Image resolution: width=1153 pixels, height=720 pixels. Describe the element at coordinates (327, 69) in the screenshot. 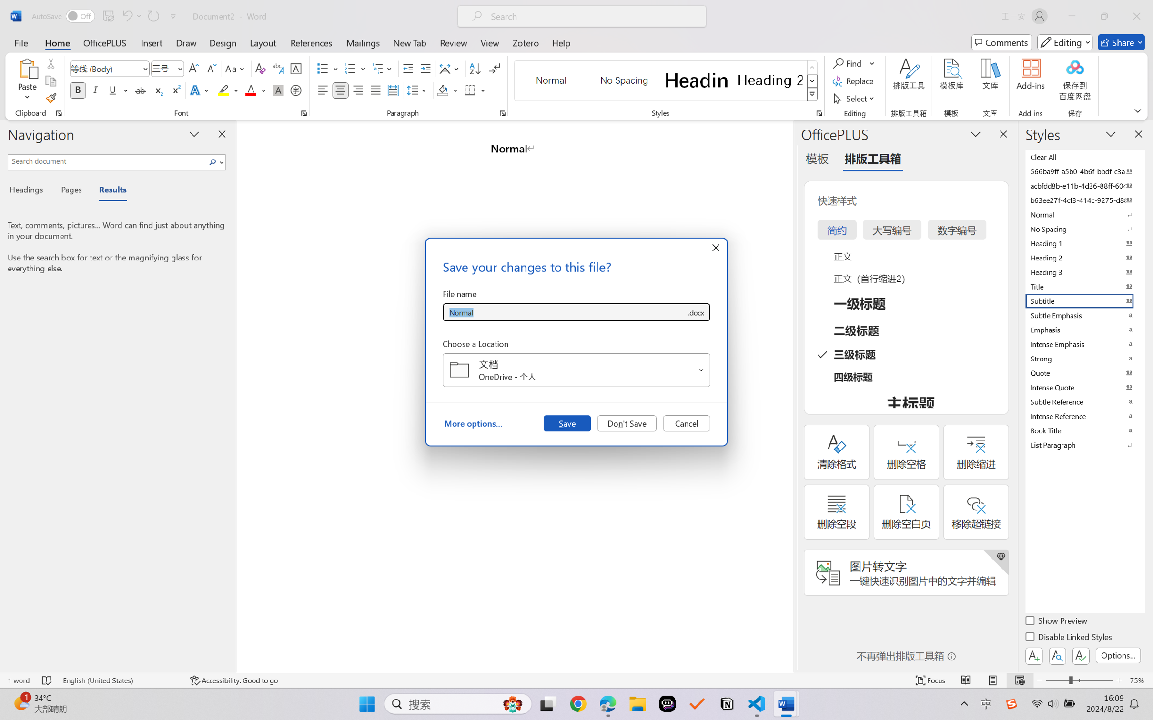

I see `'Bullets'` at that location.